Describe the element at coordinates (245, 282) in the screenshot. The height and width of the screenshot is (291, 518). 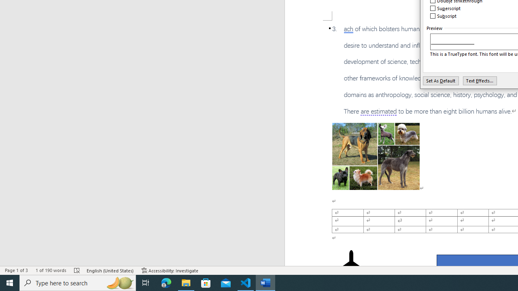
I see `'Visual Studio Code - 1 running window'` at that location.